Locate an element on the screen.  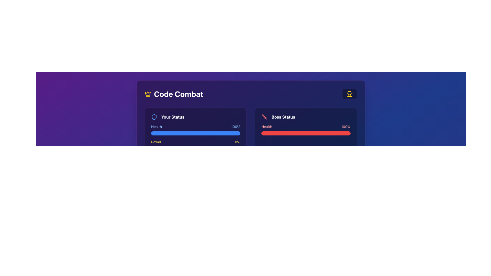
the combat/aggression icon located in the 'Boss Status' section, positioned immediately to the left of the text 'Boss Status' is located at coordinates (264, 117).